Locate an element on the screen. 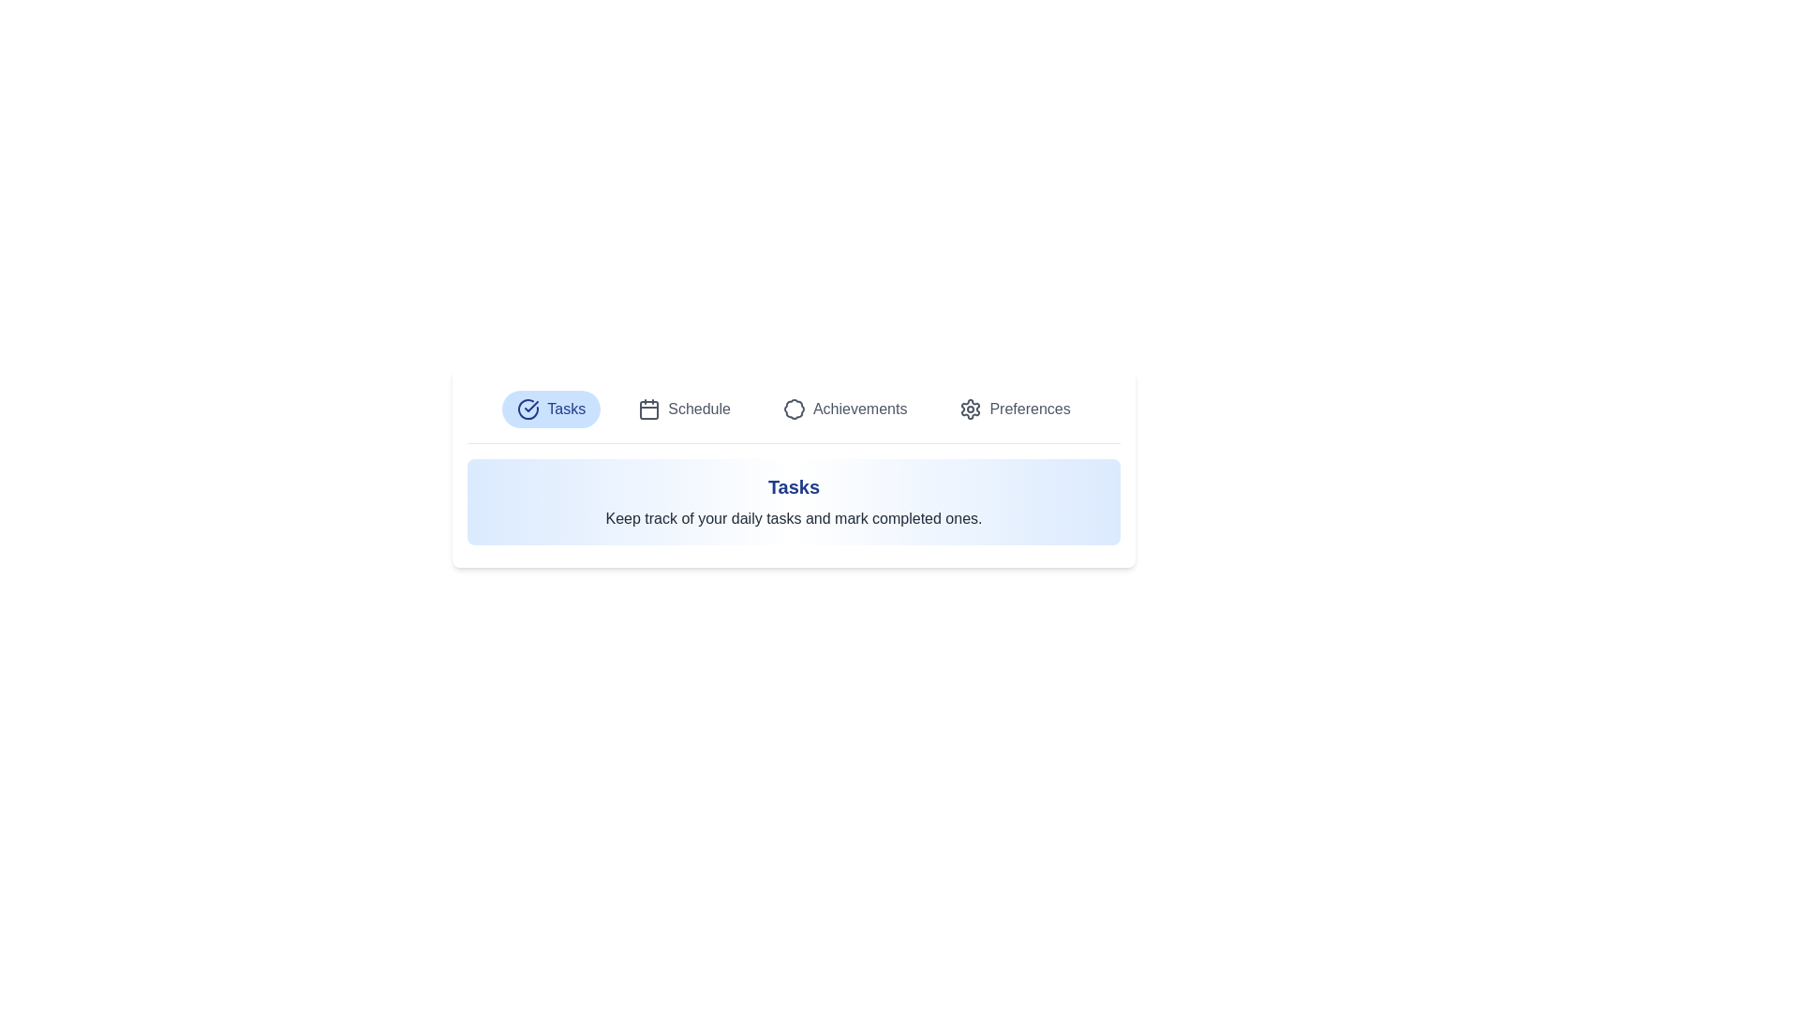 This screenshot has height=1012, width=1799. the 'Achievements' text label, which is the third item in the top-center navigation menu, following 'Tasks' and 'Schedule.' is located at coordinates (859, 408).